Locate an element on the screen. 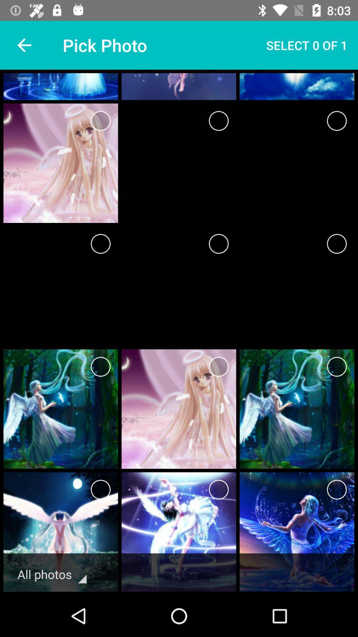 This screenshot has height=637, width=358. delete this one picture is located at coordinates (218, 243).